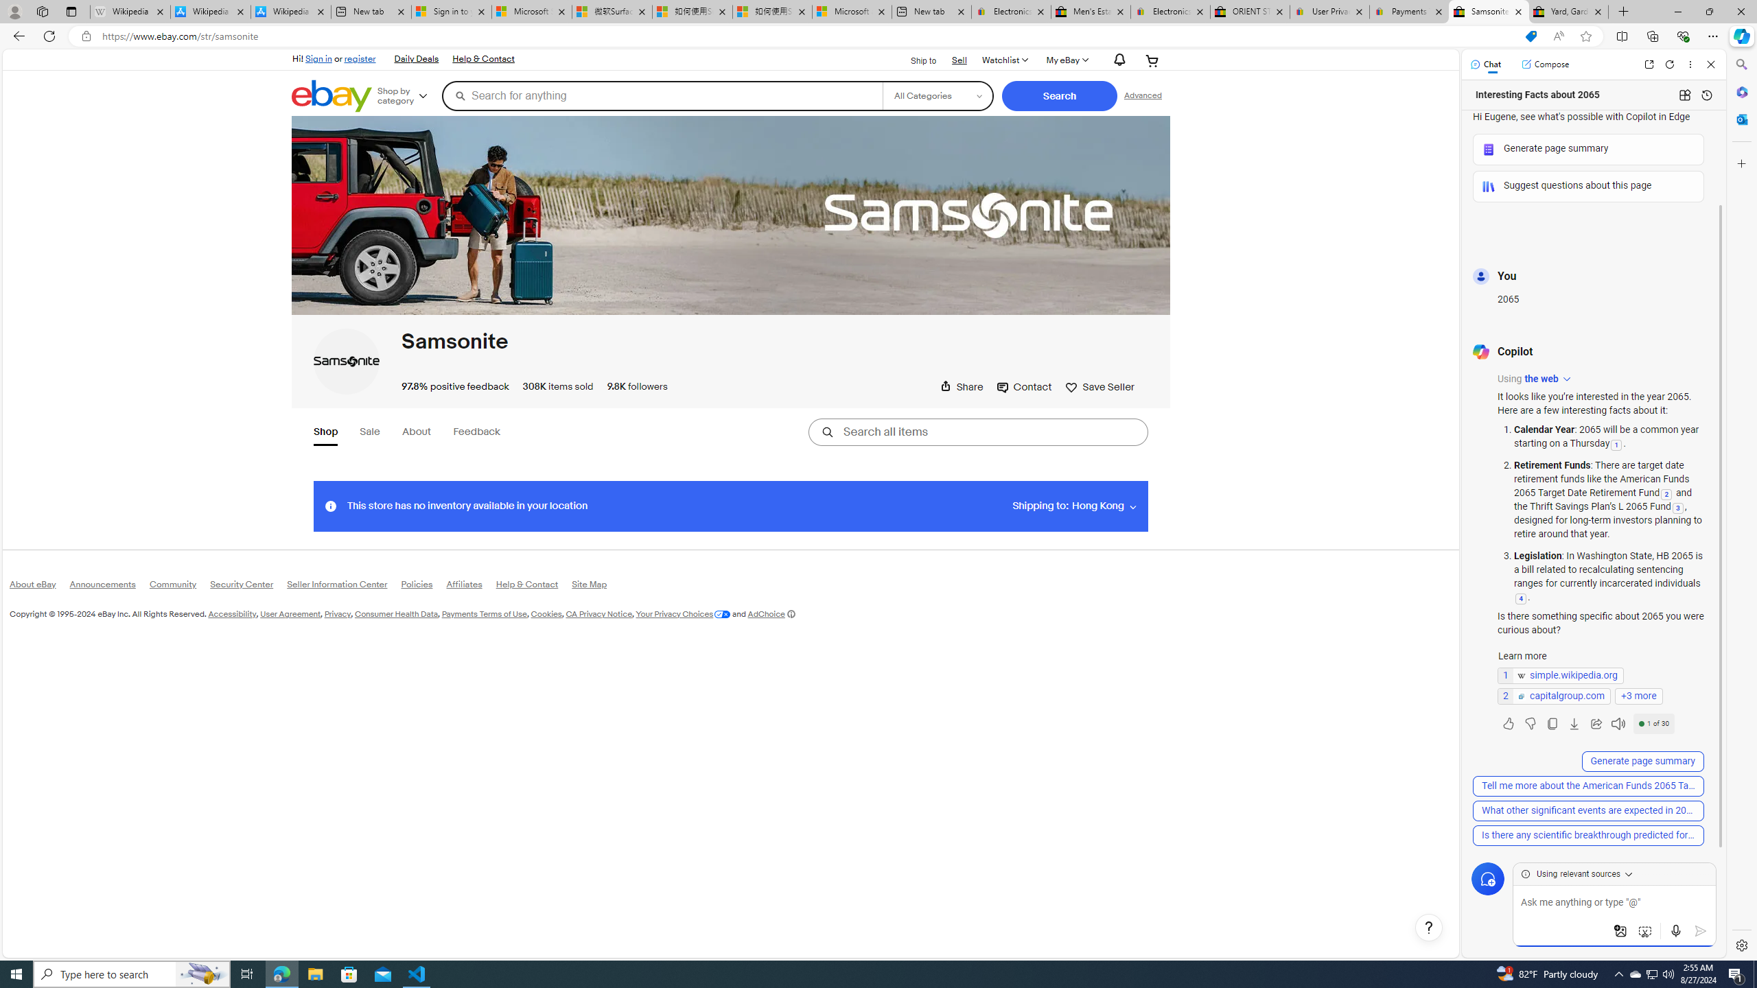  What do you see at coordinates (1142, 95) in the screenshot?
I see `'Advanced Search'` at bounding box center [1142, 95].